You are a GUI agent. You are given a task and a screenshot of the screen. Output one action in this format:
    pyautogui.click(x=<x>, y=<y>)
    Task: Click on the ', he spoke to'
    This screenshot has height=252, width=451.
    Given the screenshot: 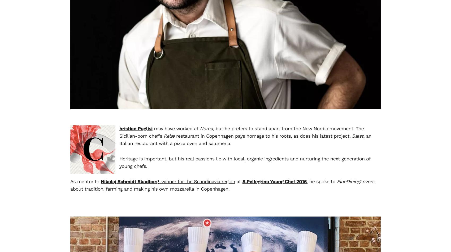 What is the action you would take?
    pyautogui.click(x=321, y=182)
    